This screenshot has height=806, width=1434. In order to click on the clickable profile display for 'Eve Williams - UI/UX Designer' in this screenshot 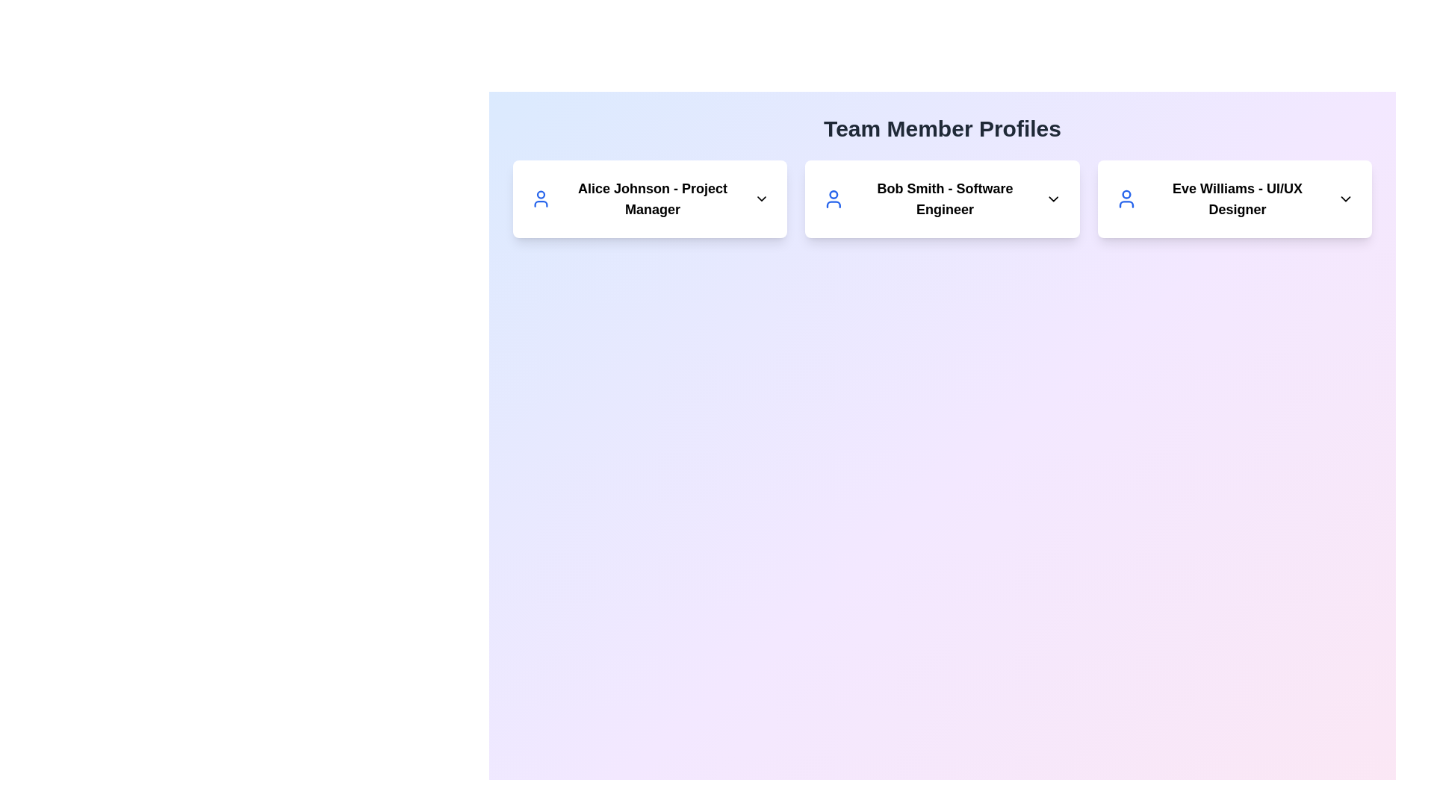, I will do `click(1235, 198)`.